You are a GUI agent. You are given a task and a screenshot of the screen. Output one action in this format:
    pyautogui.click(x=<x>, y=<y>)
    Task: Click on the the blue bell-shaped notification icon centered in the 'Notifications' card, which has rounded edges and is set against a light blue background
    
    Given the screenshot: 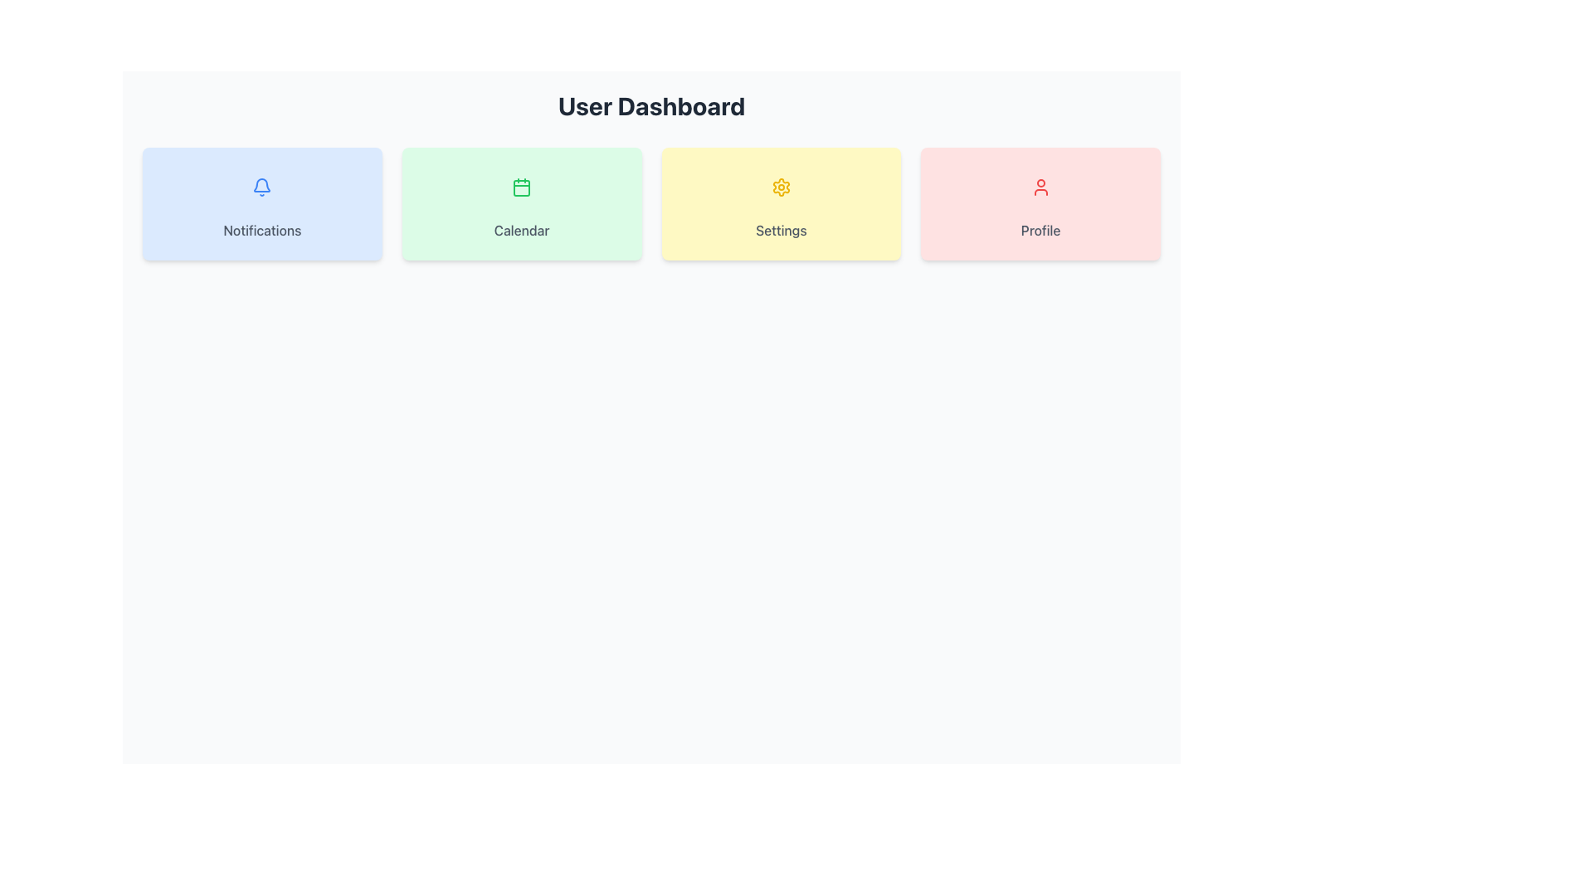 What is the action you would take?
    pyautogui.click(x=261, y=187)
    